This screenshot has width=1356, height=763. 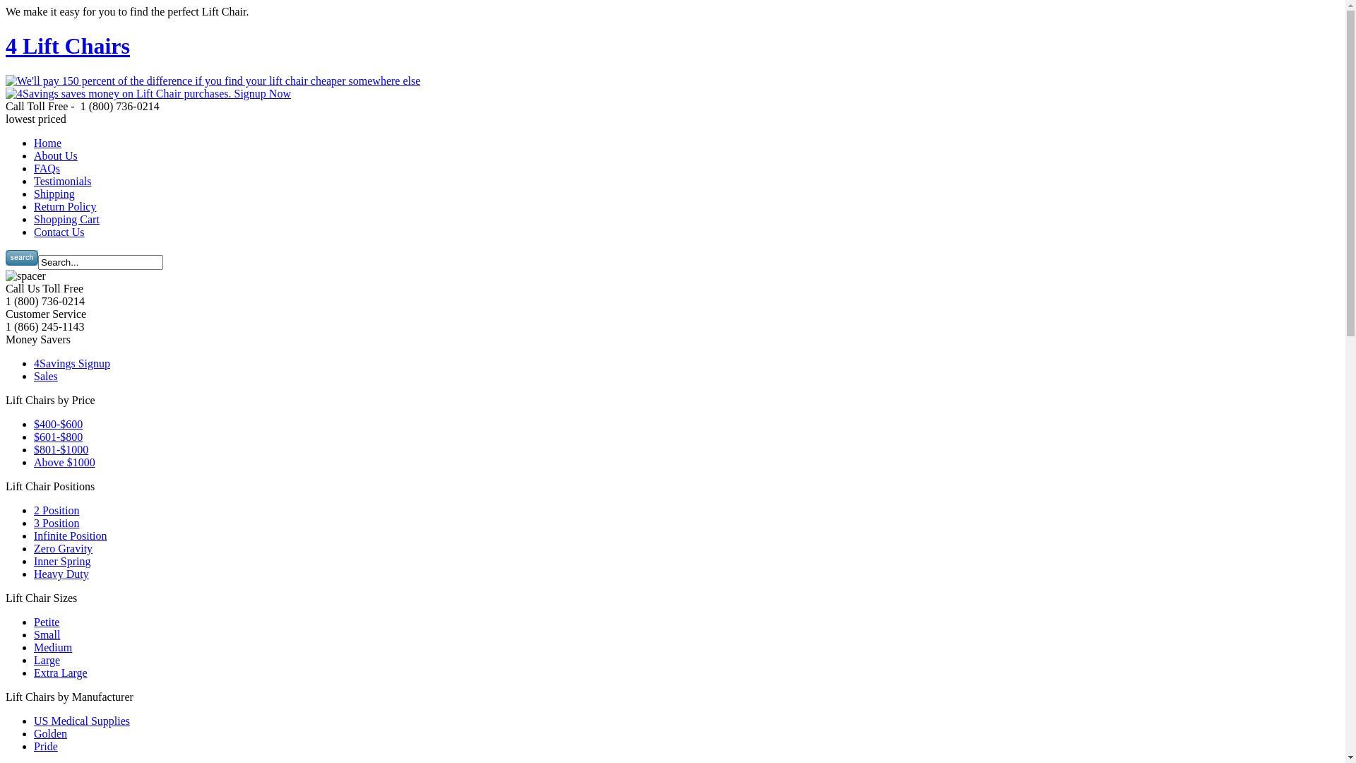 What do you see at coordinates (34, 231) in the screenshot?
I see `'Contact Us'` at bounding box center [34, 231].